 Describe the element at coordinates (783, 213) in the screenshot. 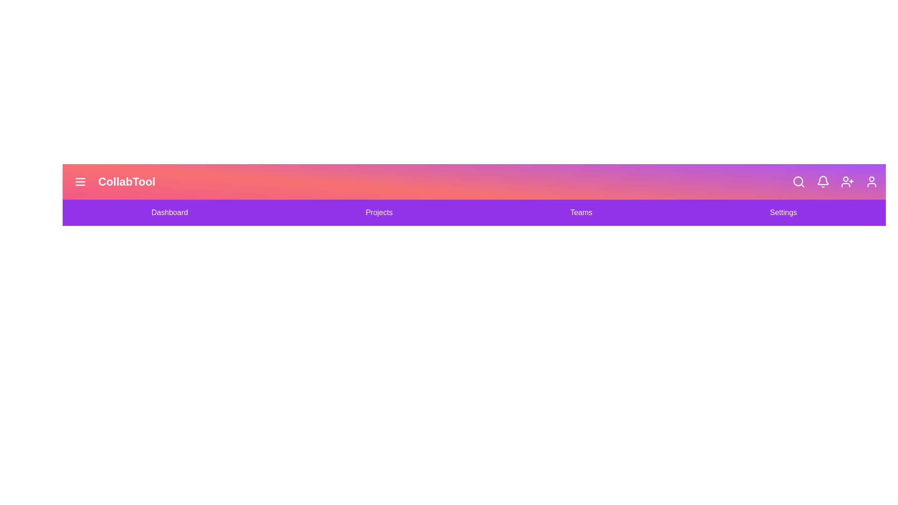

I see `the navigation link Settings` at that location.